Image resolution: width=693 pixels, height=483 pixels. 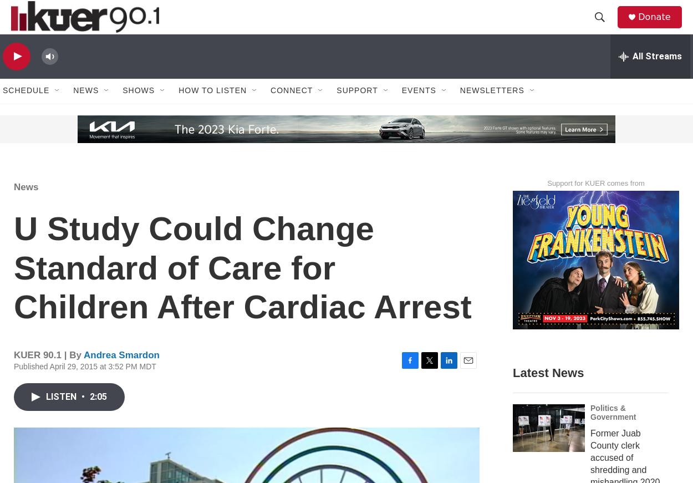 I want to click on 'Latest News', so click(x=548, y=396).